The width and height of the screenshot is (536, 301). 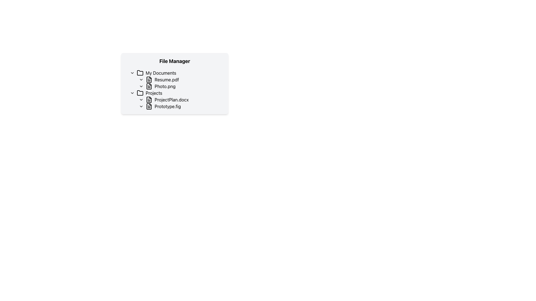 I want to click on the stylized document icon that represents 'ProjectPlan.docx' in the file manager interface, so click(x=149, y=99).